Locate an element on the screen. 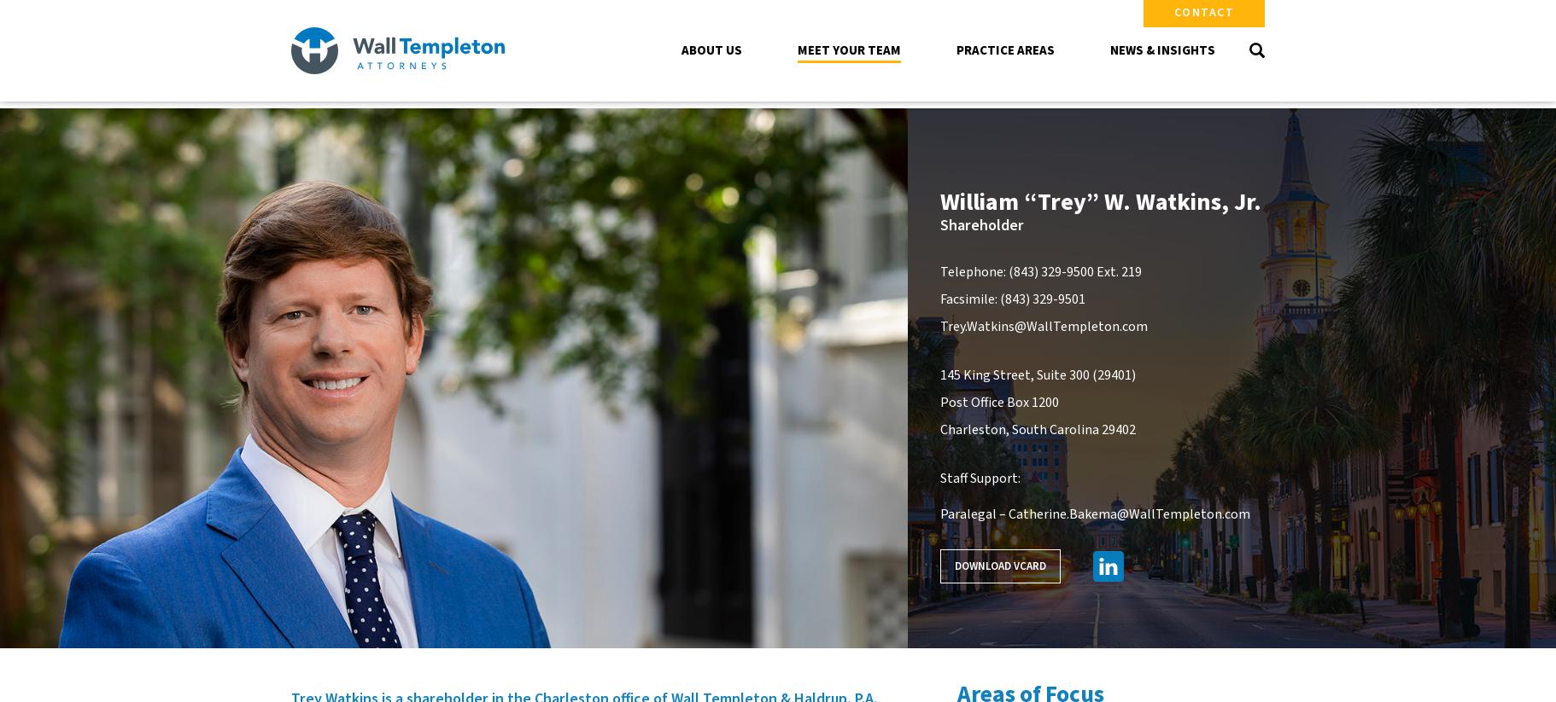 This screenshot has height=702, width=1556. 'Staff Support:' is located at coordinates (978, 476).